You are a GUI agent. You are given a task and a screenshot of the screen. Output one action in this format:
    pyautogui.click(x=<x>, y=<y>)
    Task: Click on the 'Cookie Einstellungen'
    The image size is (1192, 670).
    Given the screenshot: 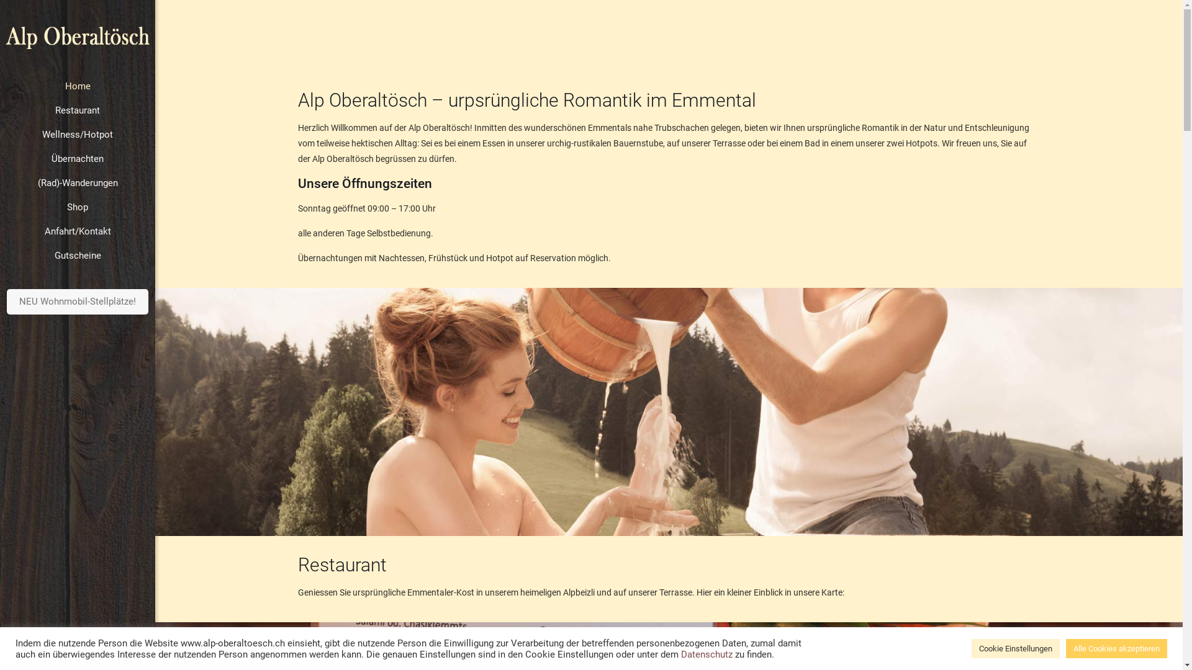 What is the action you would take?
    pyautogui.click(x=1016, y=648)
    